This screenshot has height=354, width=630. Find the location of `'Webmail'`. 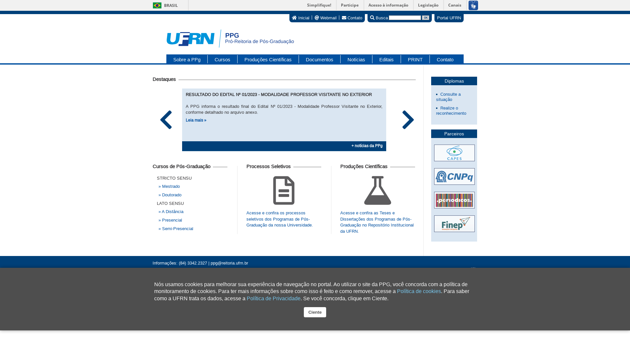

'Webmail' is located at coordinates (325, 17).